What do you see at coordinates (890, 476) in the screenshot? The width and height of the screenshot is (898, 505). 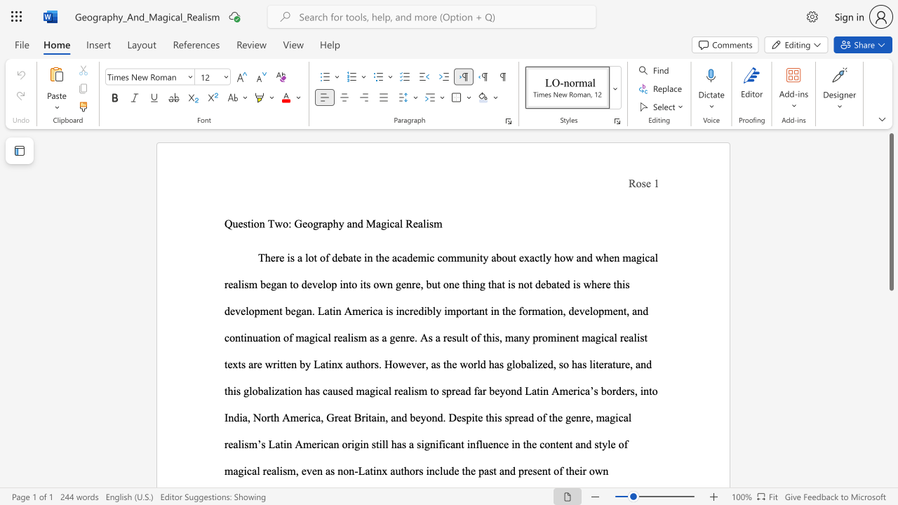 I see `the scrollbar to scroll downward` at bounding box center [890, 476].